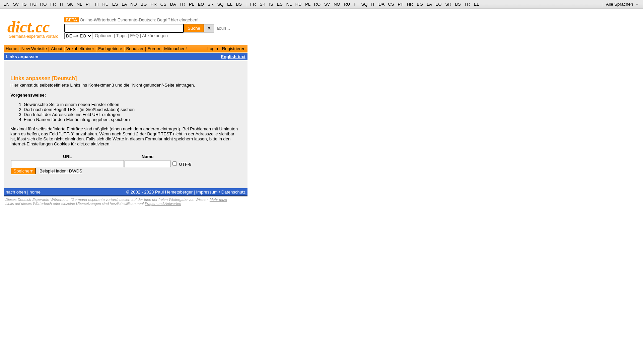  Describe the element at coordinates (126, 48) in the screenshot. I see `'Benutzer'` at that location.